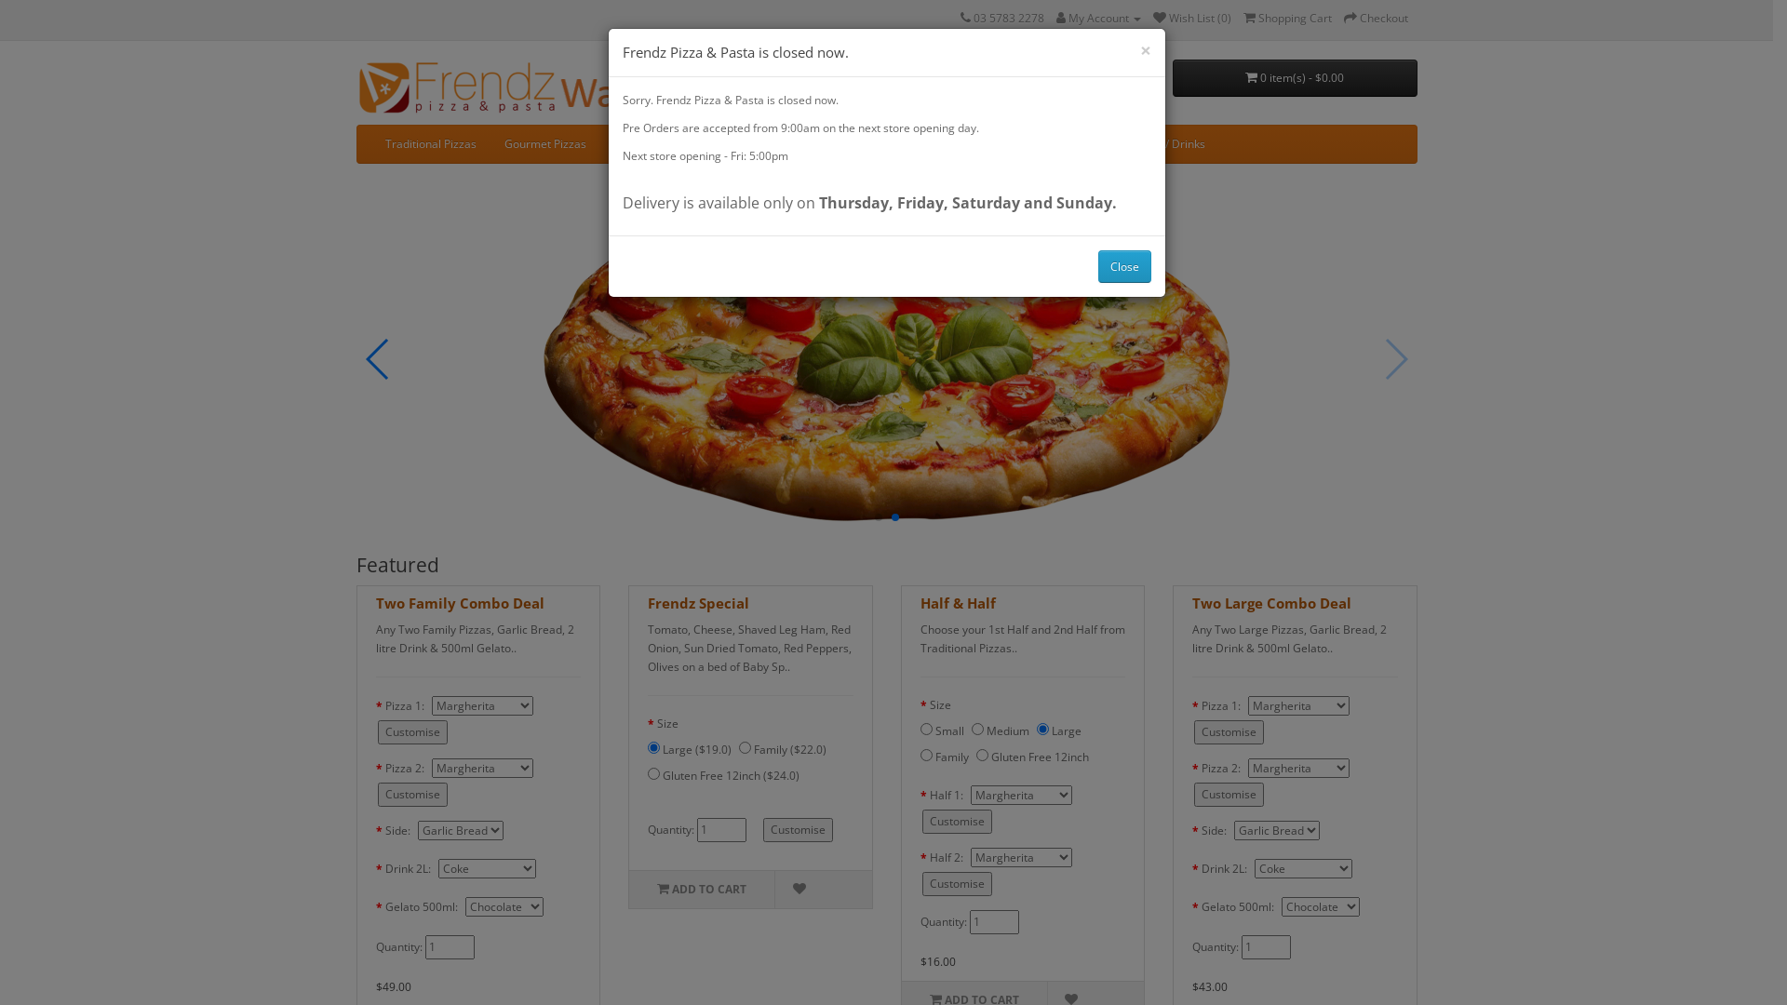  What do you see at coordinates (1191, 18) in the screenshot?
I see `'Wish List (0)'` at bounding box center [1191, 18].